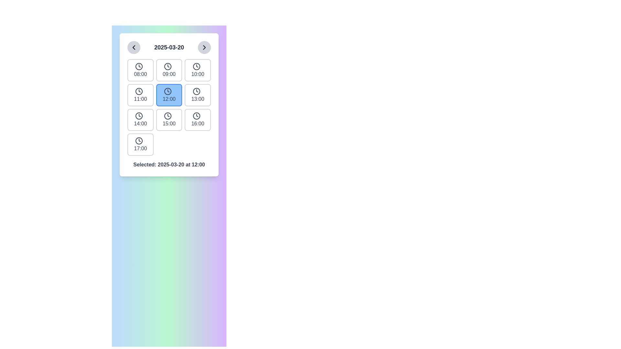 This screenshot has width=621, height=349. I want to click on the circular outline within the clock icon located in the top-right cell of a 3x4 grid layout displaying time options, so click(196, 66).